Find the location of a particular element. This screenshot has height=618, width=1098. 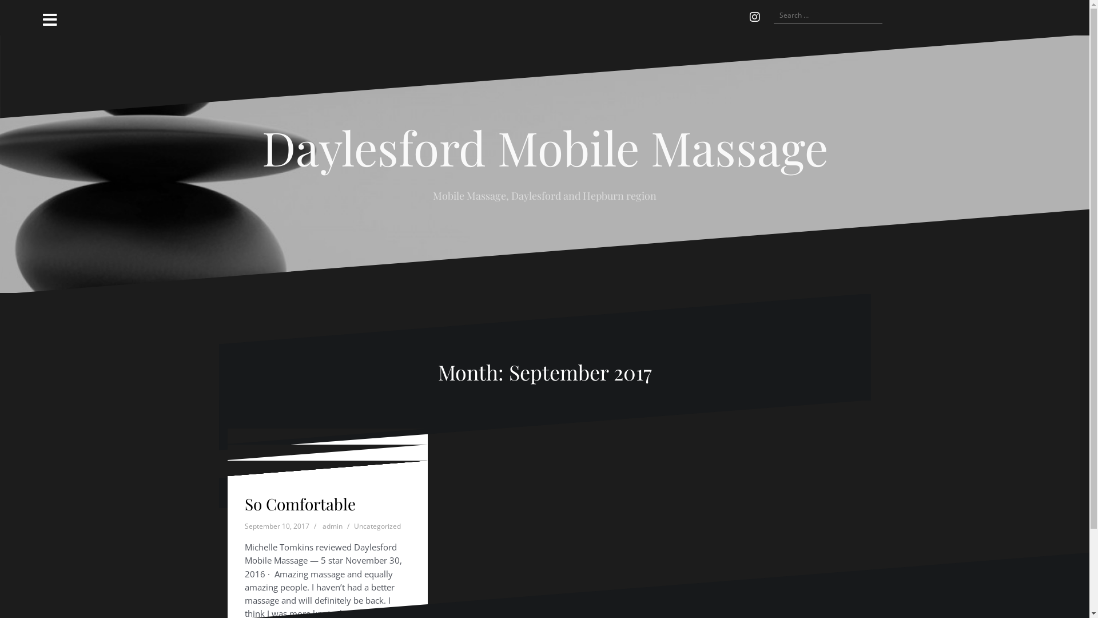

'September 10, 2017' is located at coordinates (277, 510).